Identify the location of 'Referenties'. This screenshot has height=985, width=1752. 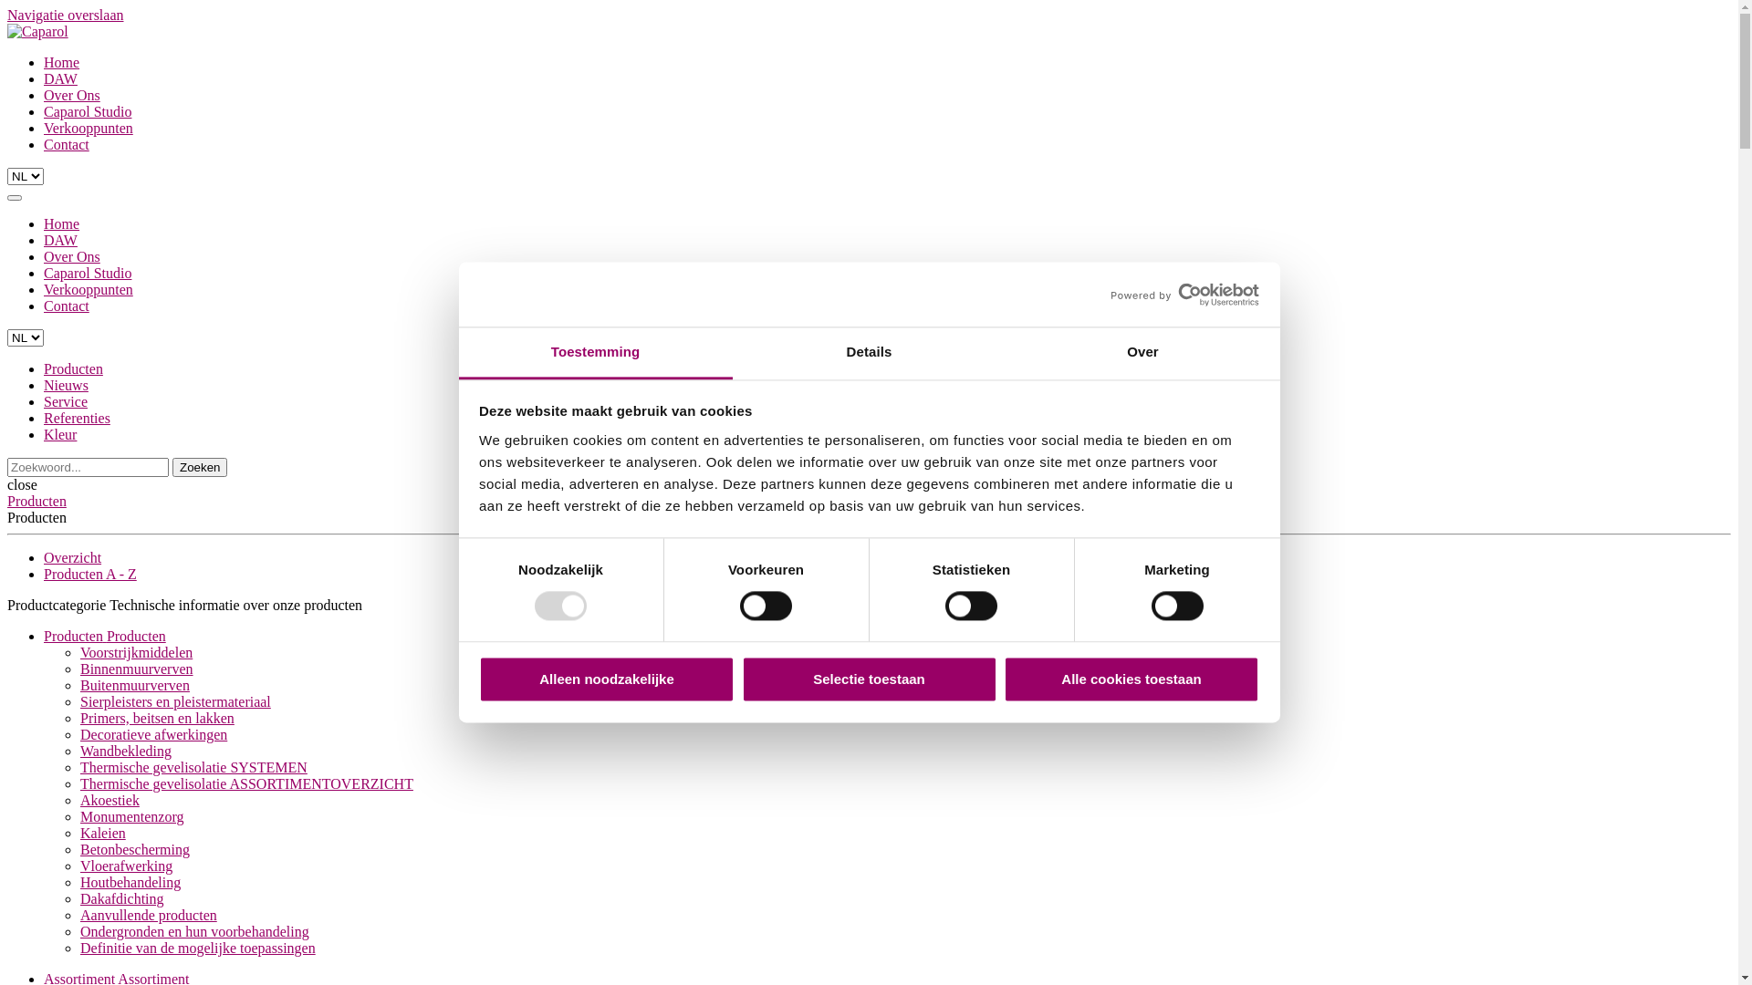
(76, 418).